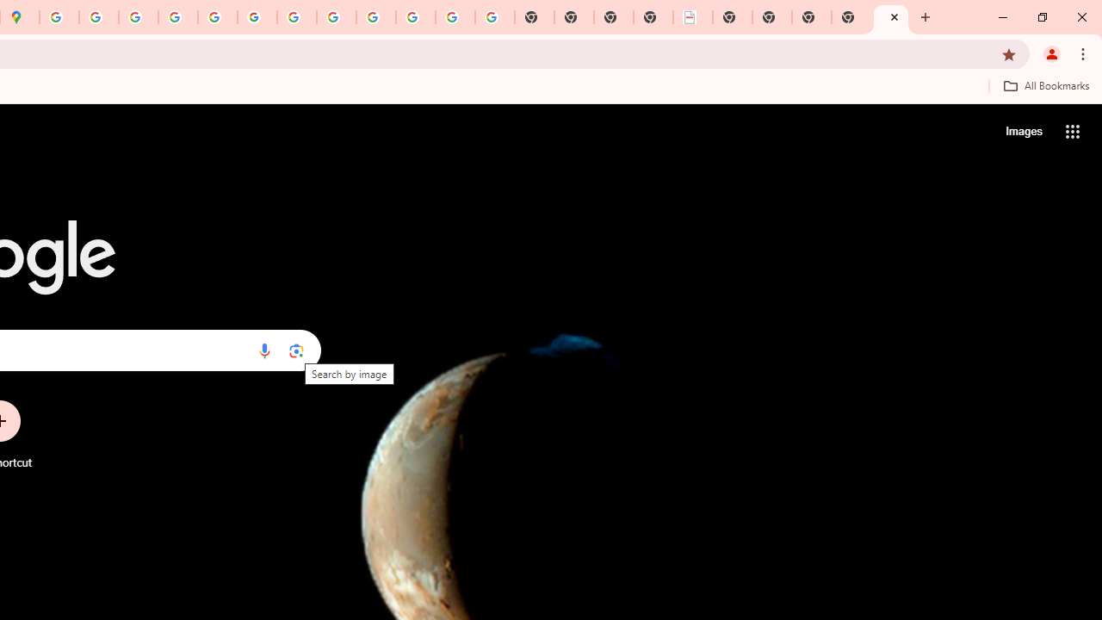 The height and width of the screenshot is (620, 1102). What do you see at coordinates (891, 17) in the screenshot?
I see `'New Tab'` at bounding box center [891, 17].